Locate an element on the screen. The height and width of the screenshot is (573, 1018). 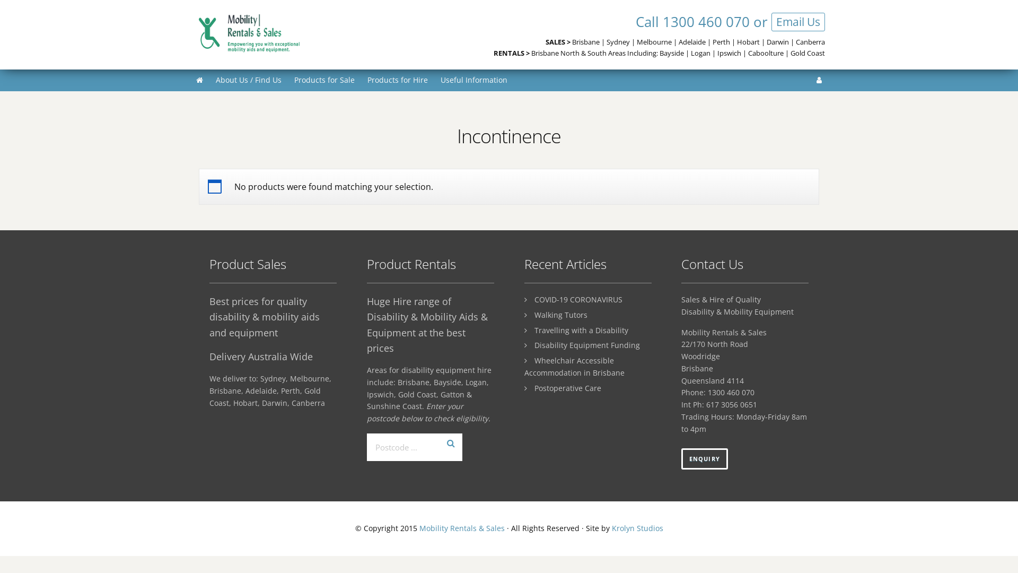
'Home' is located at coordinates (199, 79).